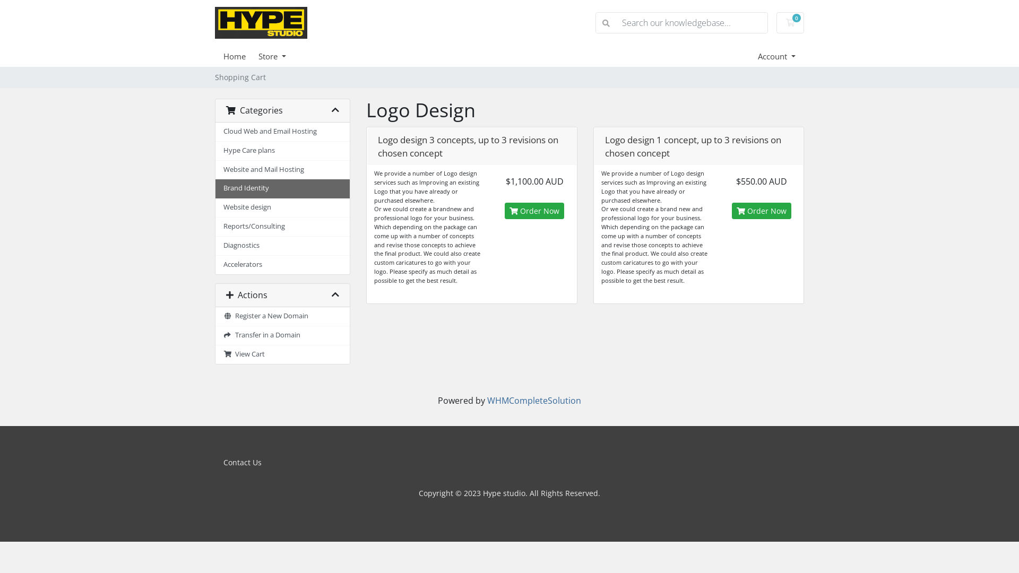 Image resolution: width=1019 pixels, height=573 pixels. What do you see at coordinates (215, 188) in the screenshot?
I see `'Brand Identity'` at bounding box center [215, 188].